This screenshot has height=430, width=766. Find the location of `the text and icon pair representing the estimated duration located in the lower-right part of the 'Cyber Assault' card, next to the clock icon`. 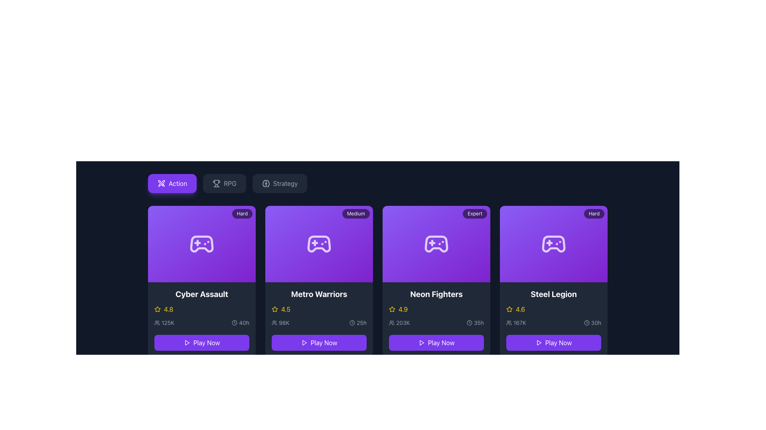

the text and icon pair representing the estimated duration located in the lower-right part of the 'Cyber Assault' card, next to the clock icon is located at coordinates (240, 322).